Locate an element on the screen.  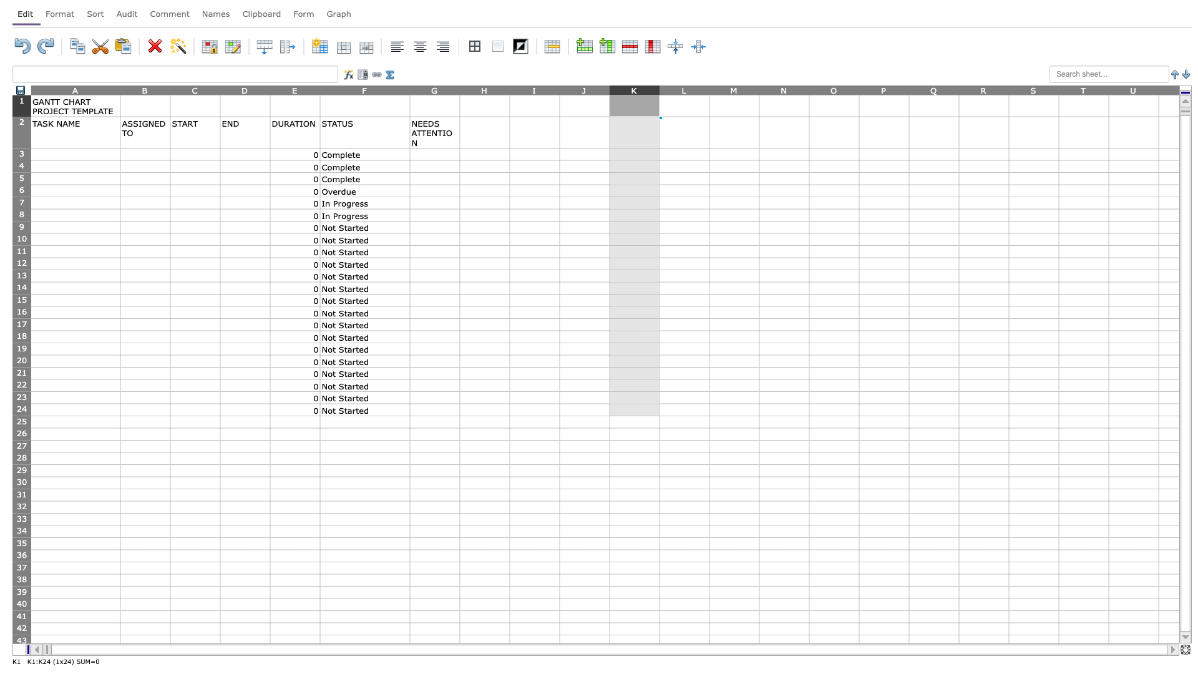
the right edge of column N to resize is located at coordinates (809, 89).